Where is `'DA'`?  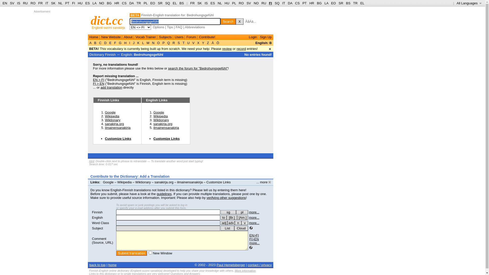
'DA' is located at coordinates (290, 3).